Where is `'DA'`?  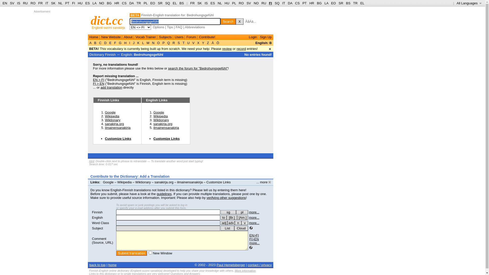
'DA' is located at coordinates (290, 3).